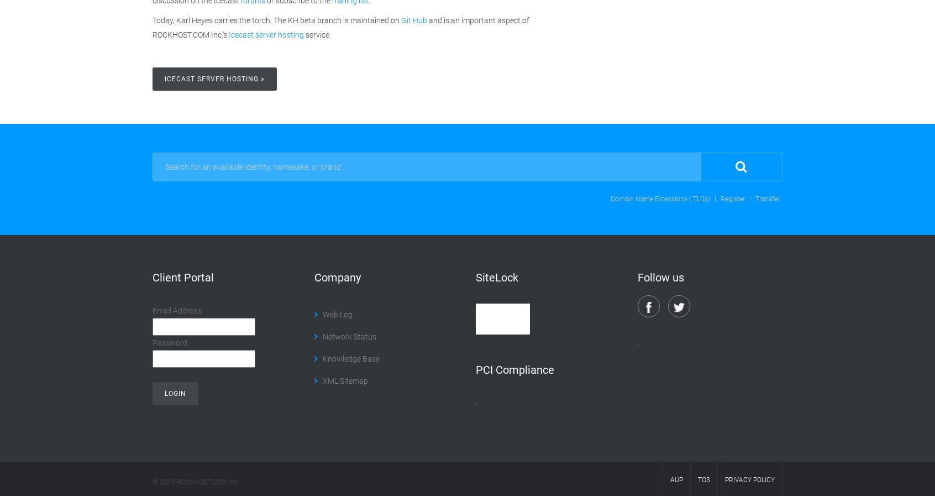 This screenshot has width=935, height=496. I want to click on 'service.', so click(317, 33).